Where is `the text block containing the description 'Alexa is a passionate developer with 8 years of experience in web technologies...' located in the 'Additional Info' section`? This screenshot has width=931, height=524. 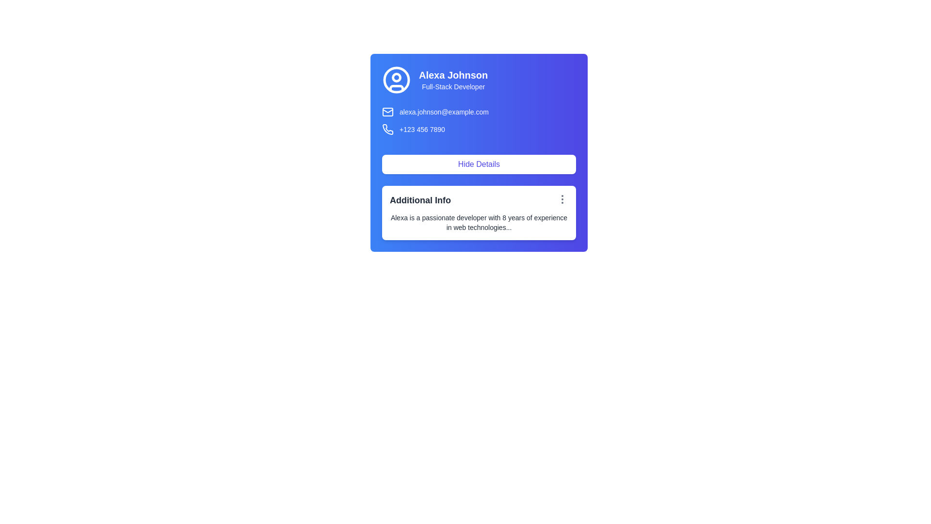 the text block containing the description 'Alexa is a passionate developer with 8 years of experience in web technologies...' located in the 'Additional Info' section is located at coordinates (479, 223).